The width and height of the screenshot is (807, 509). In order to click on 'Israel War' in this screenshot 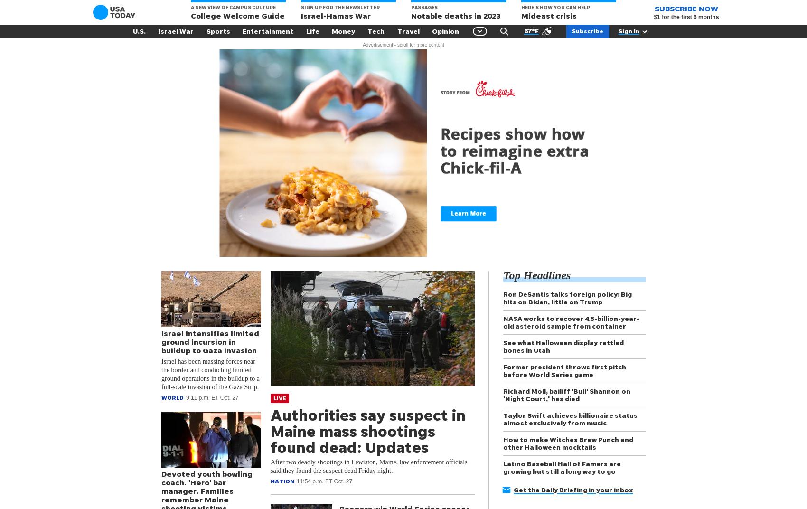, I will do `click(175, 30)`.